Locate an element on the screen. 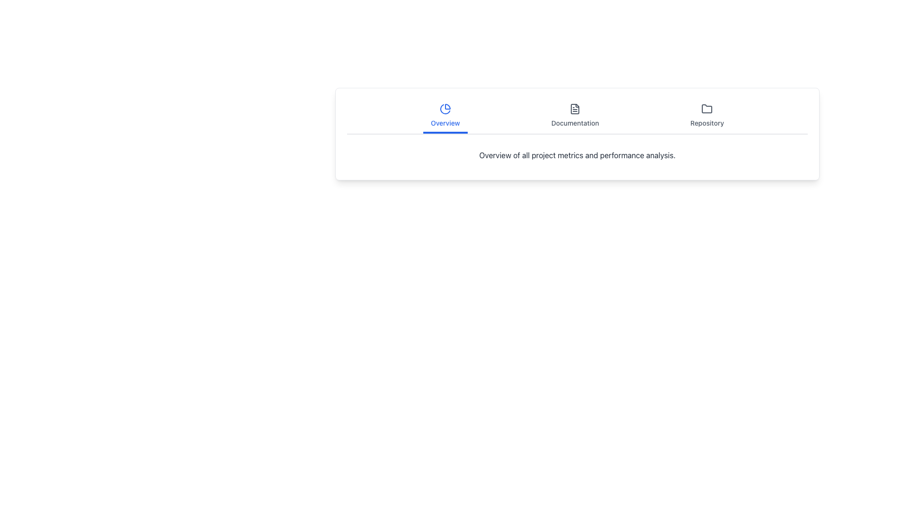  text element stating 'Overview of all project metrics and performance analysis.' centered below the navigation bar is located at coordinates (576, 154).